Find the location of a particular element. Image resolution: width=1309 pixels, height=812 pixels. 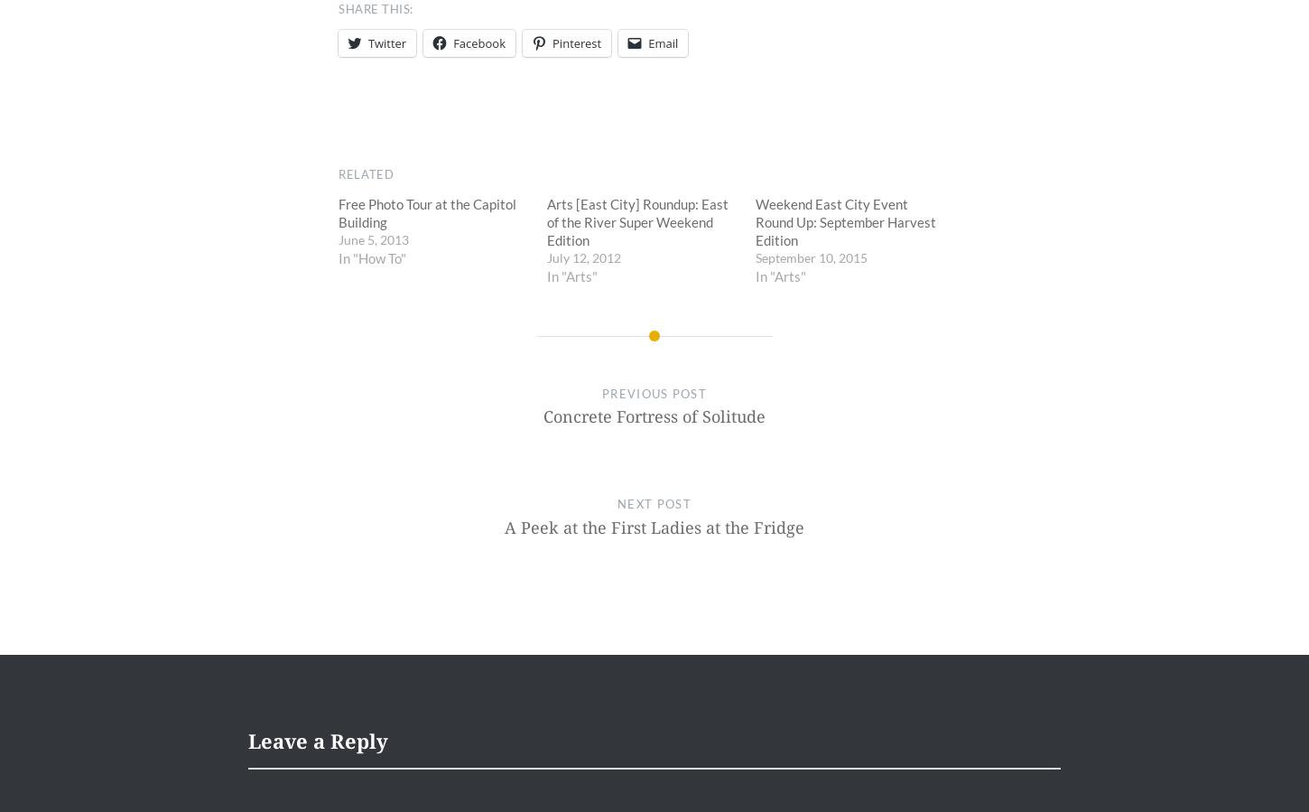

'A Peek at the First Ladies at the Fridge' is located at coordinates (654, 527).